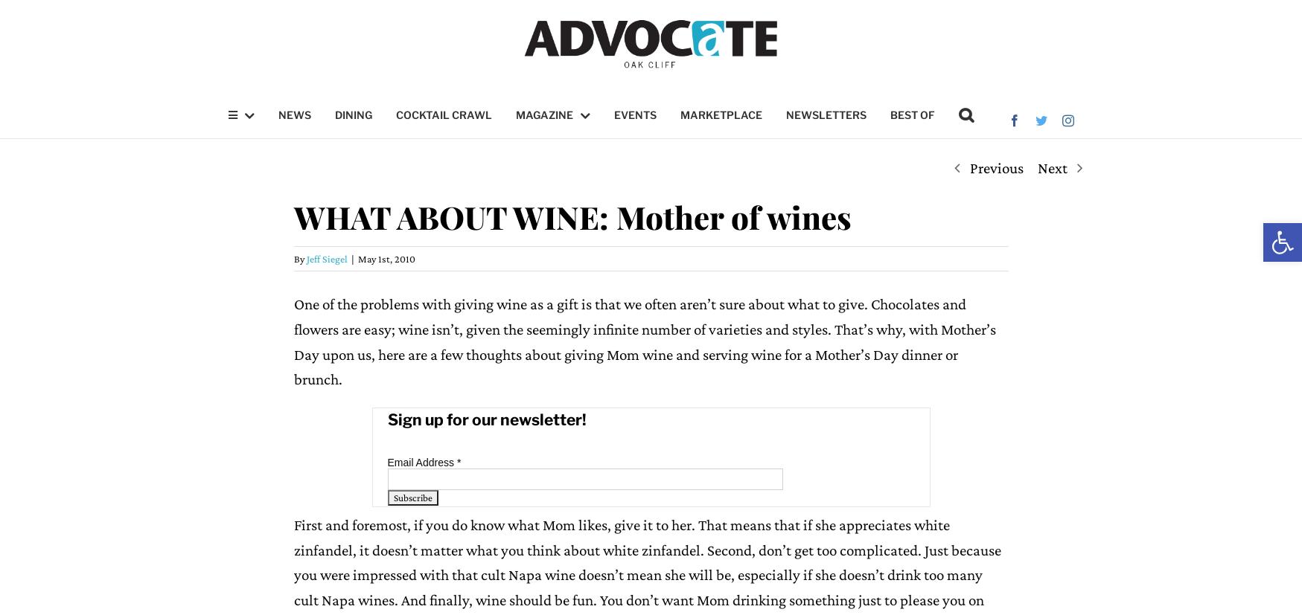 This screenshot has width=1302, height=615. Describe the element at coordinates (567, 197) in the screenshot. I see `'Digital Edition'` at that location.